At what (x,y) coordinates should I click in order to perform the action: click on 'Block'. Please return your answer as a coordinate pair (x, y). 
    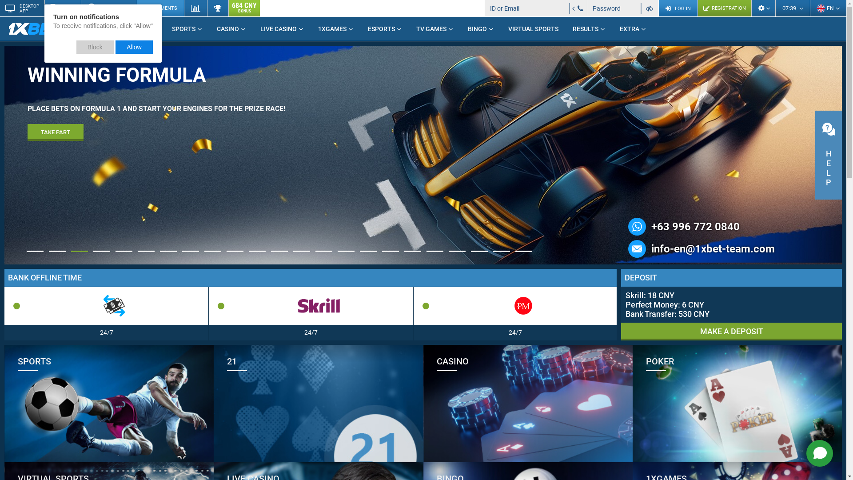
    Looking at the image, I should click on (95, 47).